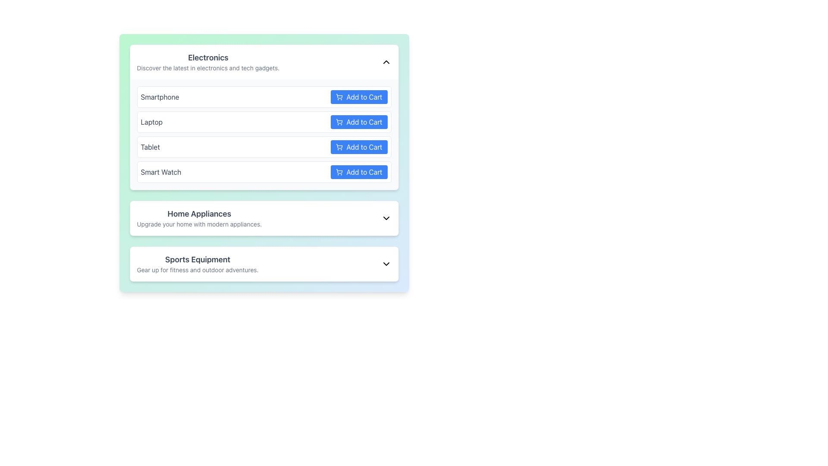  What do you see at coordinates (339, 97) in the screenshot?
I see `the 'Add to Cart' icon inside the button labeled 'Add to Cart' in the first row of the 'Electronics' section for the 'Smartphone' item` at bounding box center [339, 97].